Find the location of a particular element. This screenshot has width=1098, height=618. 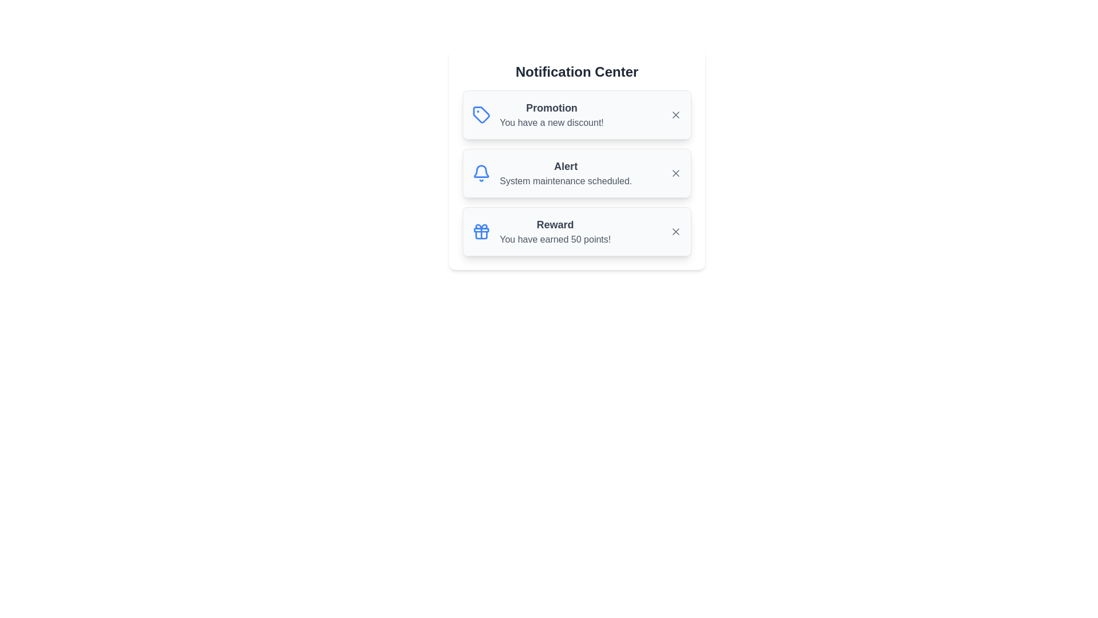

the Notification text box that informs the user of a reward of 50 points, located inside the third notification card in the Notification Center modal is located at coordinates (555, 232).